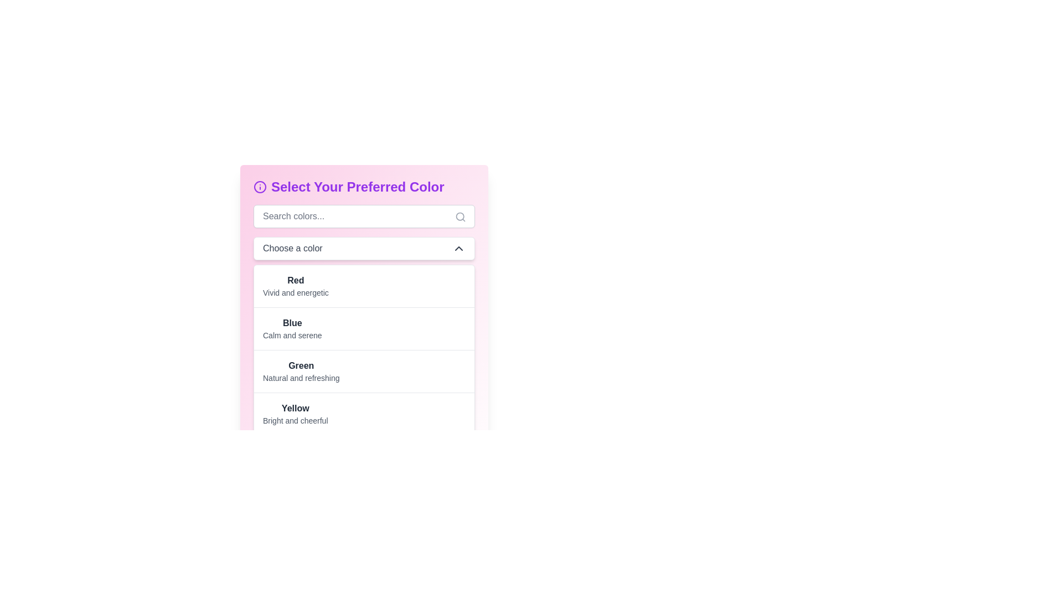 This screenshot has height=598, width=1063. I want to click on the text label that reads 'Yellow' in bold, dark gray text, which describes a color option and is located beneath the 'Green' color description, so click(295, 414).